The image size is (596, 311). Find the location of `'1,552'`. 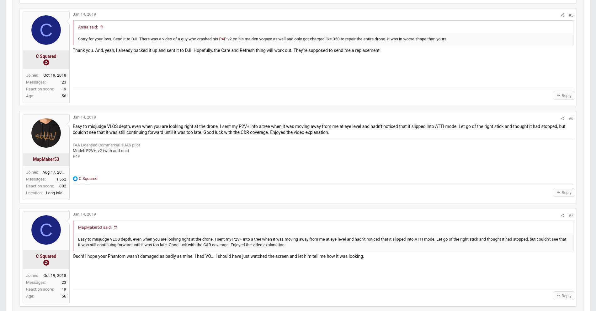

'1,552' is located at coordinates (71, 185).